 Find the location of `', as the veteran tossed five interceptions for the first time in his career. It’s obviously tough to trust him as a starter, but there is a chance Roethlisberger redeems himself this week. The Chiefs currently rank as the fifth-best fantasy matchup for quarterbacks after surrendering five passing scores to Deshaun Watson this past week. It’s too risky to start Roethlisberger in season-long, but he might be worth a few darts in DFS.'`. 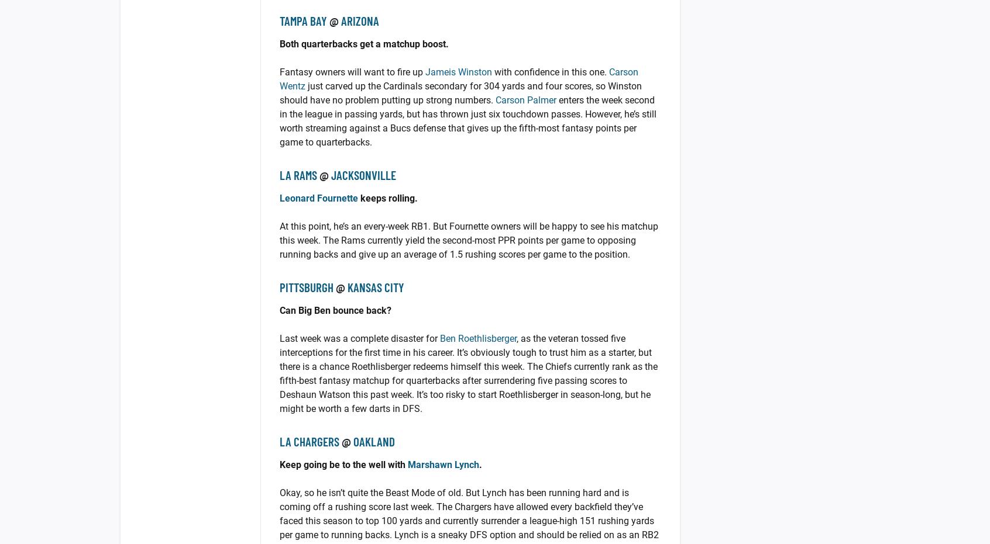

', as the veteran tossed five interceptions for the first time in his career. It’s obviously tough to trust him as a starter, but there is a chance Roethlisberger redeems himself this week. The Chiefs currently rank as the fifth-best fantasy matchup for quarterbacks after surrendering five passing scores to Deshaun Watson this past week. It’s too risky to start Roethlisberger in season-long, but he might be worth a few darts in DFS.' is located at coordinates (468, 373).